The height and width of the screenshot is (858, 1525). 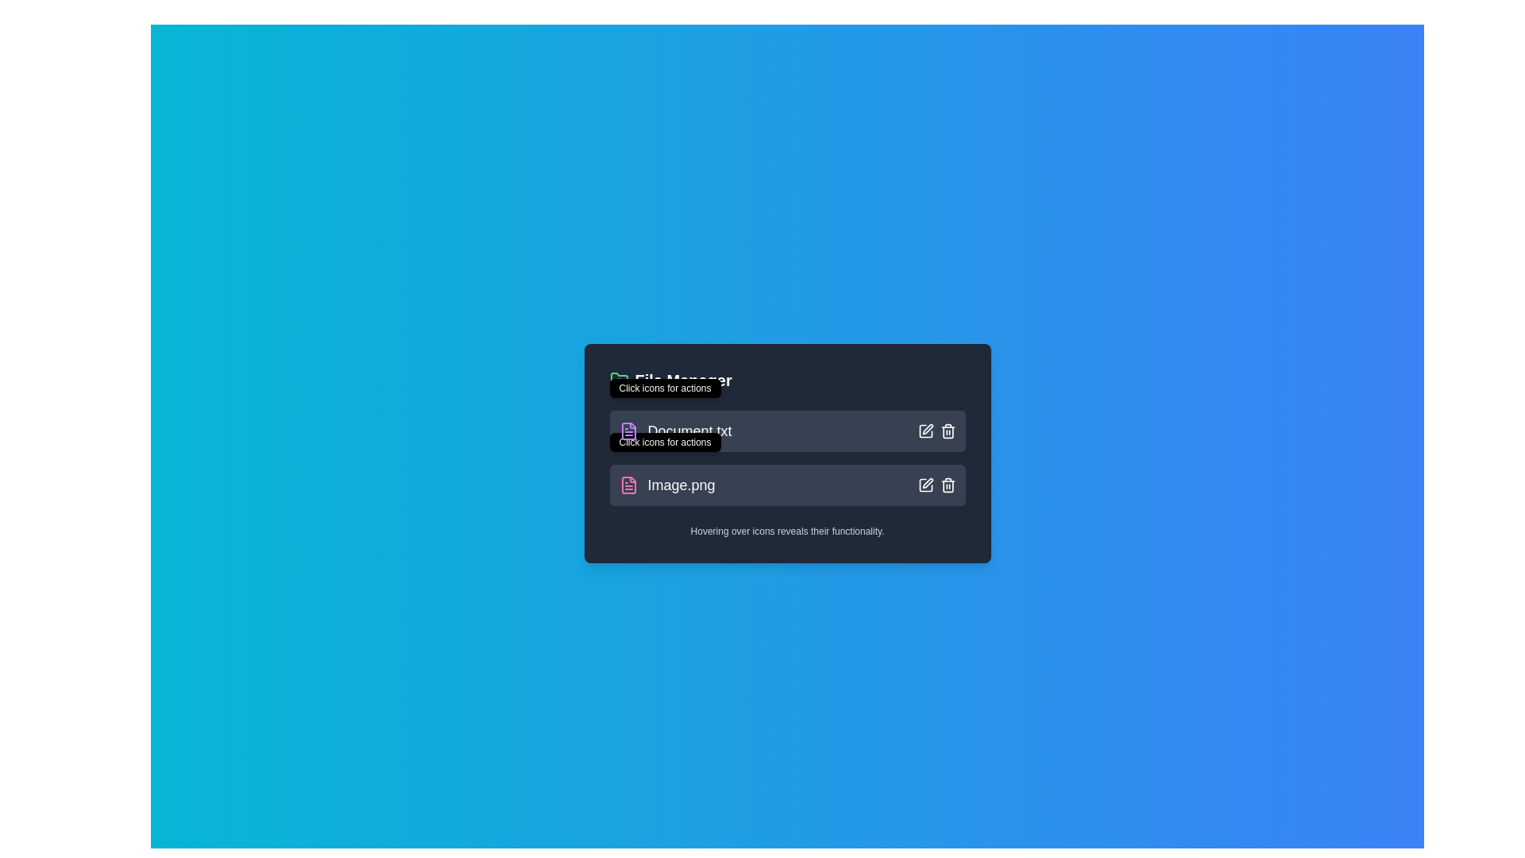 What do you see at coordinates (787, 531) in the screenshot?
I see `the informational static text that provides guidance on interacting with the icons displayed in the interface, located at the bottom of the panel` at bounding box center [787, 531].